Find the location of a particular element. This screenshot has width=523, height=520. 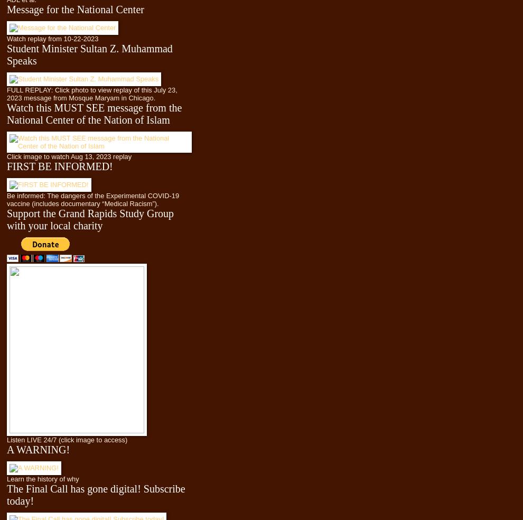

'Student Minister Sultan Z. Muhammad Speaks' is located at coordinates (6, 53).